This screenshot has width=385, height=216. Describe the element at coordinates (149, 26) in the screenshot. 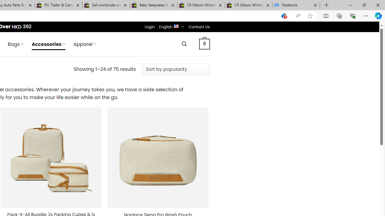

I see `'Login'` at that location.